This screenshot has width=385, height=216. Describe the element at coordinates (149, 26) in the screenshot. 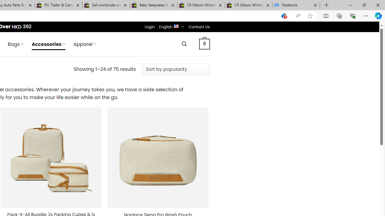

I see `'Login'` at that location.